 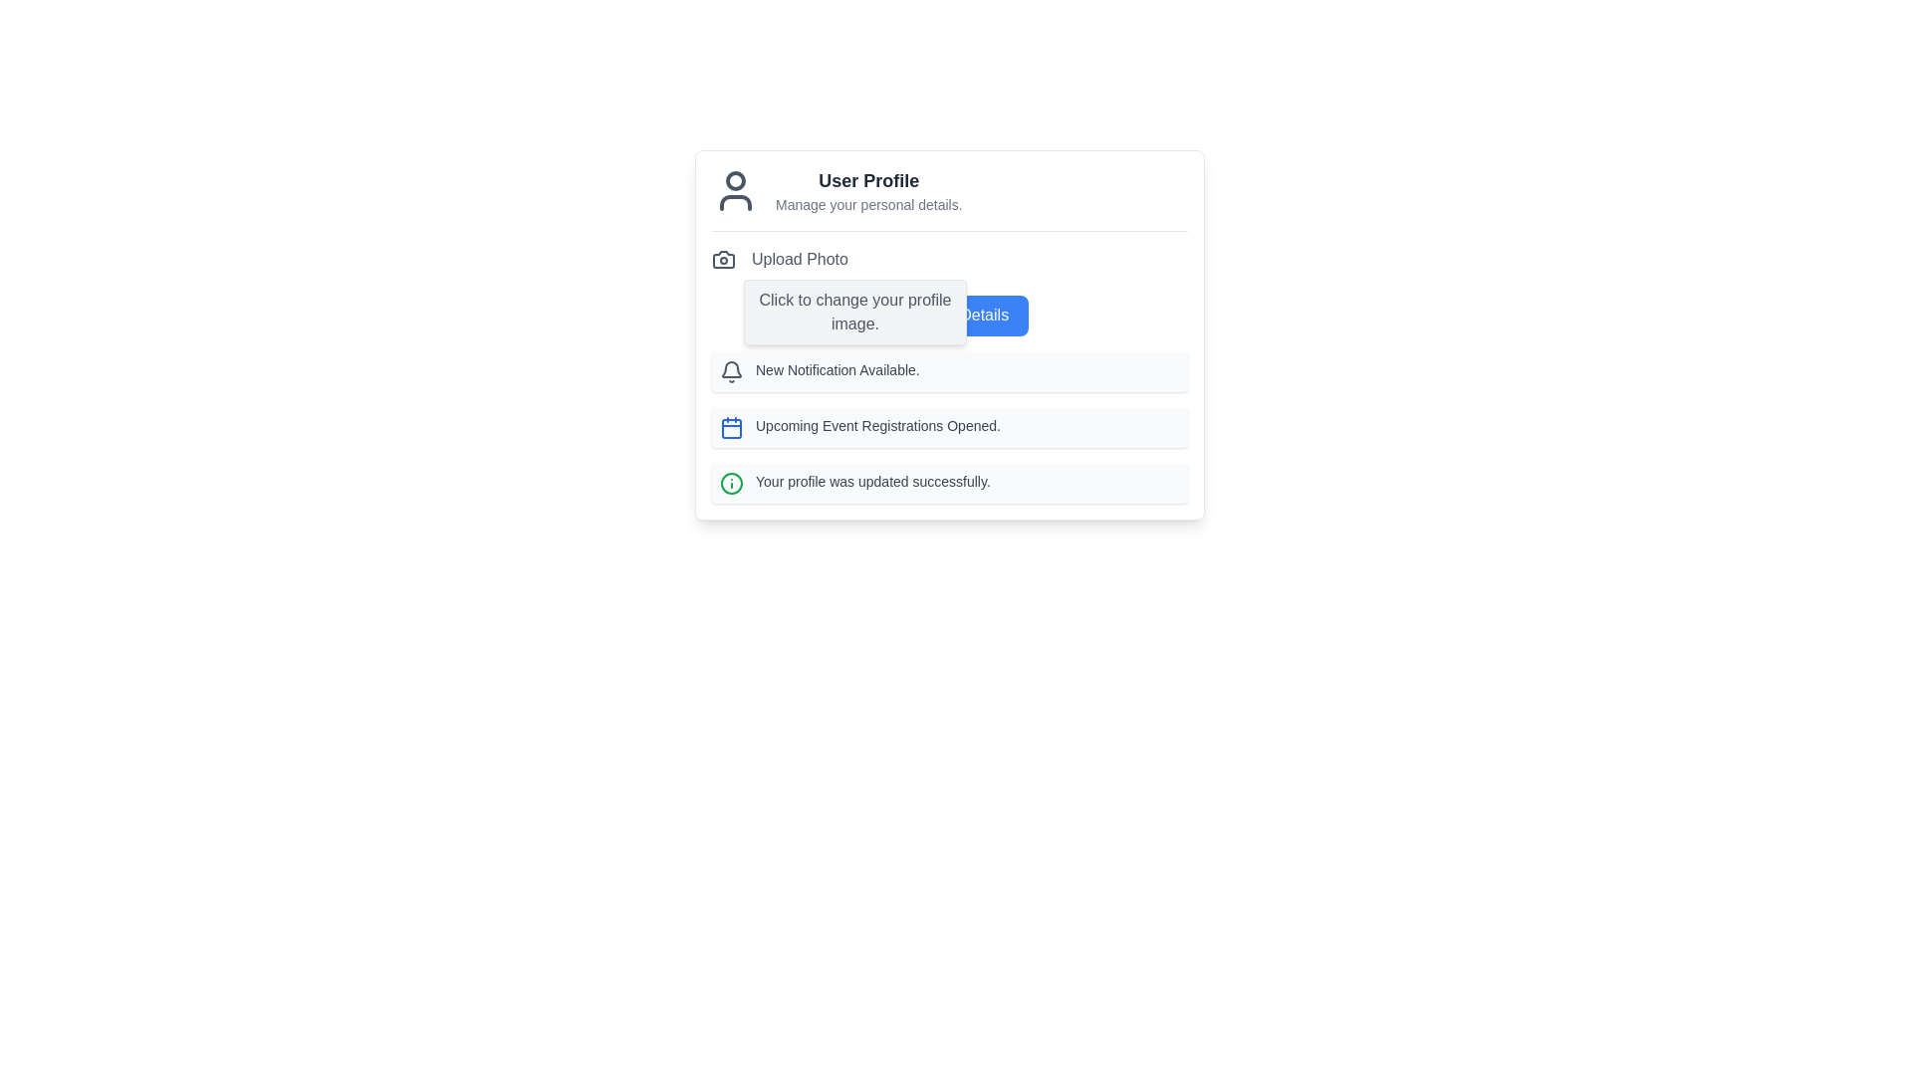 What do you see at coordinates (949, 425) in the screenshot?
I see `the second notification item that has a light gray background and contains the message 'Upcoming Event Registrations Opened.'` at bounding box center [949, 425].